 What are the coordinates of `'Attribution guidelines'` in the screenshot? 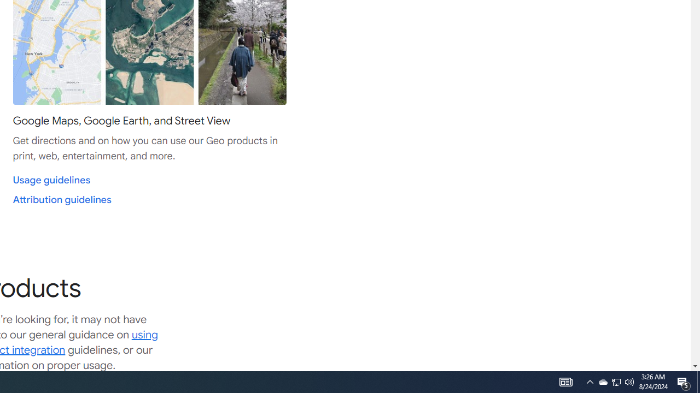 It's located at (61, 200).